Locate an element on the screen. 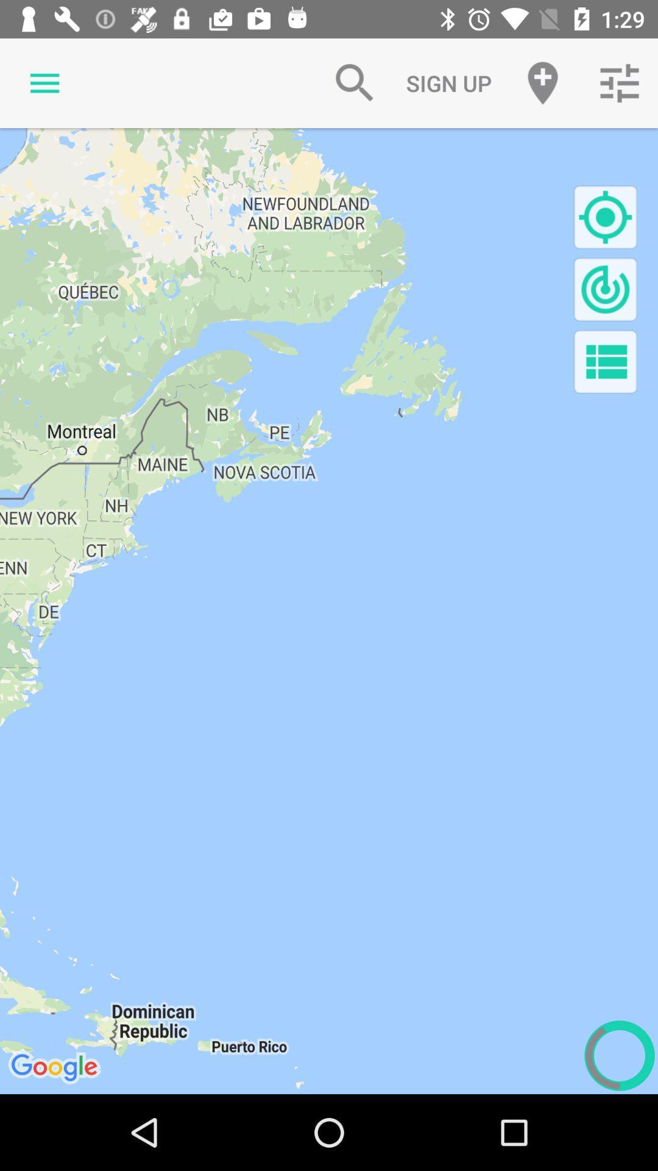 This screenshot has height=1171, width=658. menu is located at coordinates (605, 361).